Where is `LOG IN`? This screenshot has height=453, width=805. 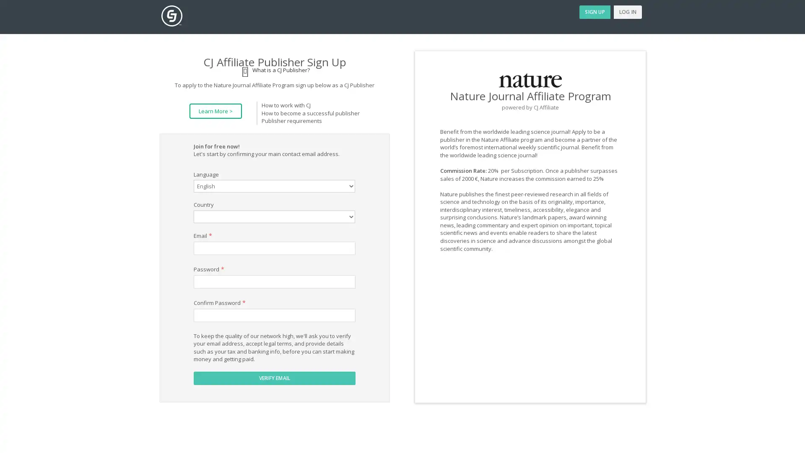 LOG IN is located at coordinates (628, 12).